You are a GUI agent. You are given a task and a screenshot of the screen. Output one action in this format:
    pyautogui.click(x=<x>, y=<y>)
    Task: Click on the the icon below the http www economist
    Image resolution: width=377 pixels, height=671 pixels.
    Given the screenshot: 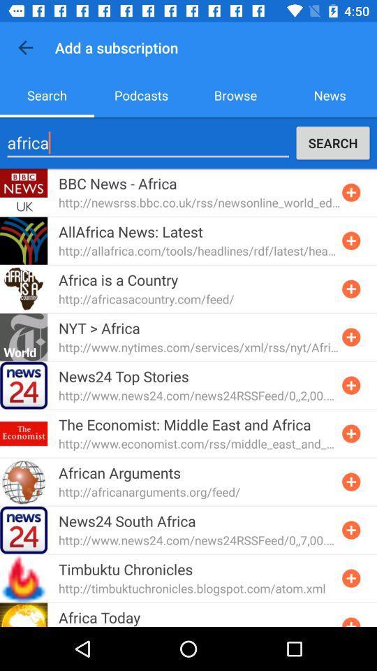 What is the action you would take?
    pyautogui.click(x=119, y=472)
    